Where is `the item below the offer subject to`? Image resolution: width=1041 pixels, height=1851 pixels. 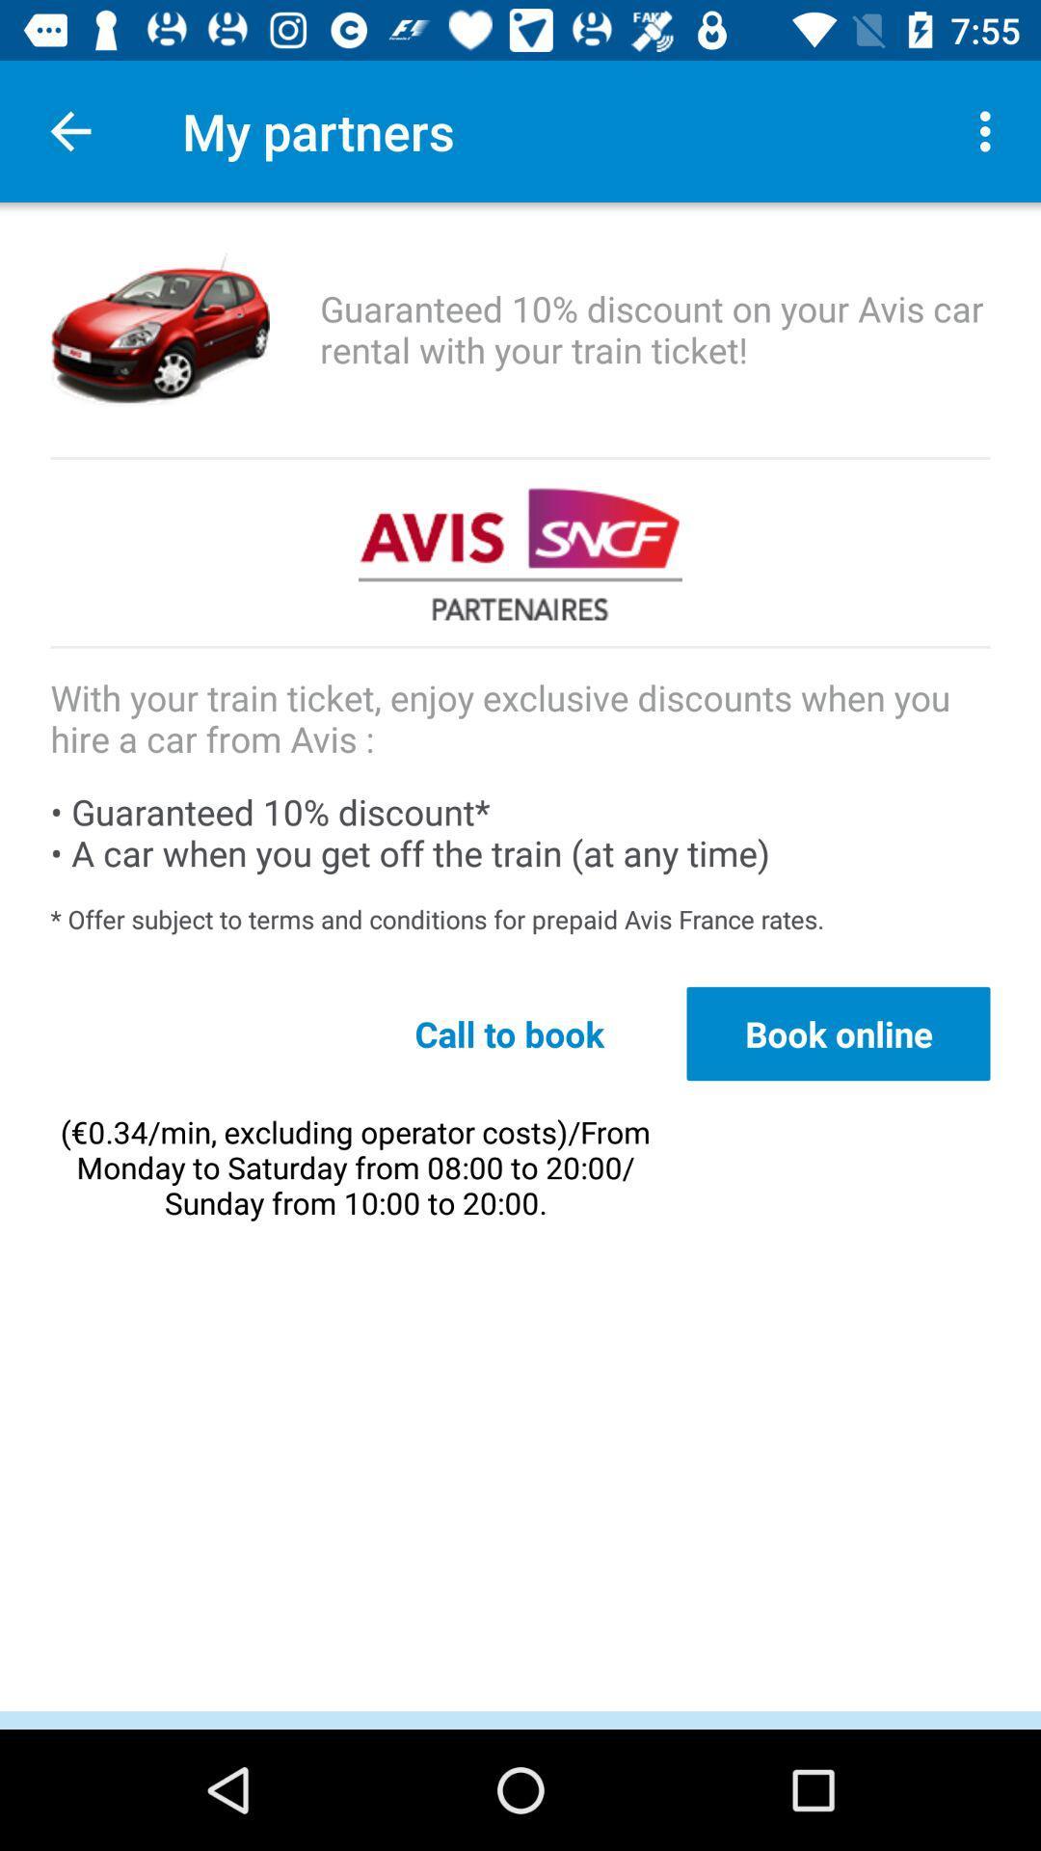 the item below the offer subject to is located at coordinates (838, 1033).